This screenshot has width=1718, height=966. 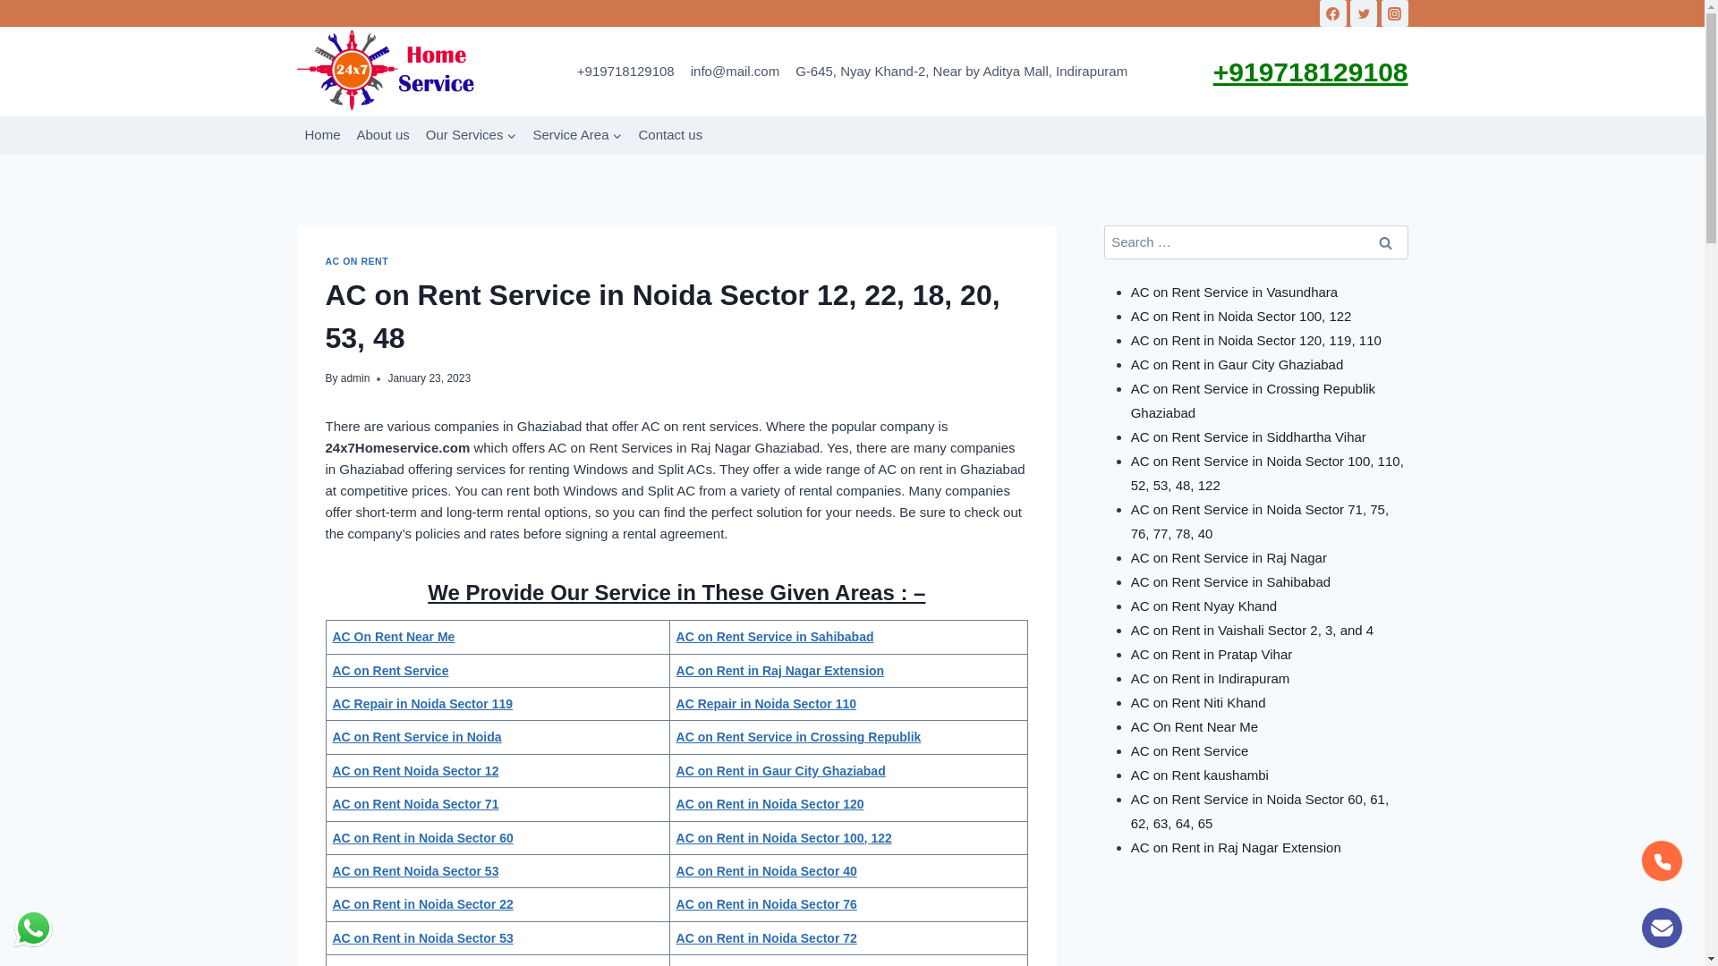 What do you see at coordinates (1259, 521) in the screenshot?
I see `'AC on Rent Service in Noida Sector 71, 75, 76, 77, 78, 40'` at bounding box center [1259, 521].